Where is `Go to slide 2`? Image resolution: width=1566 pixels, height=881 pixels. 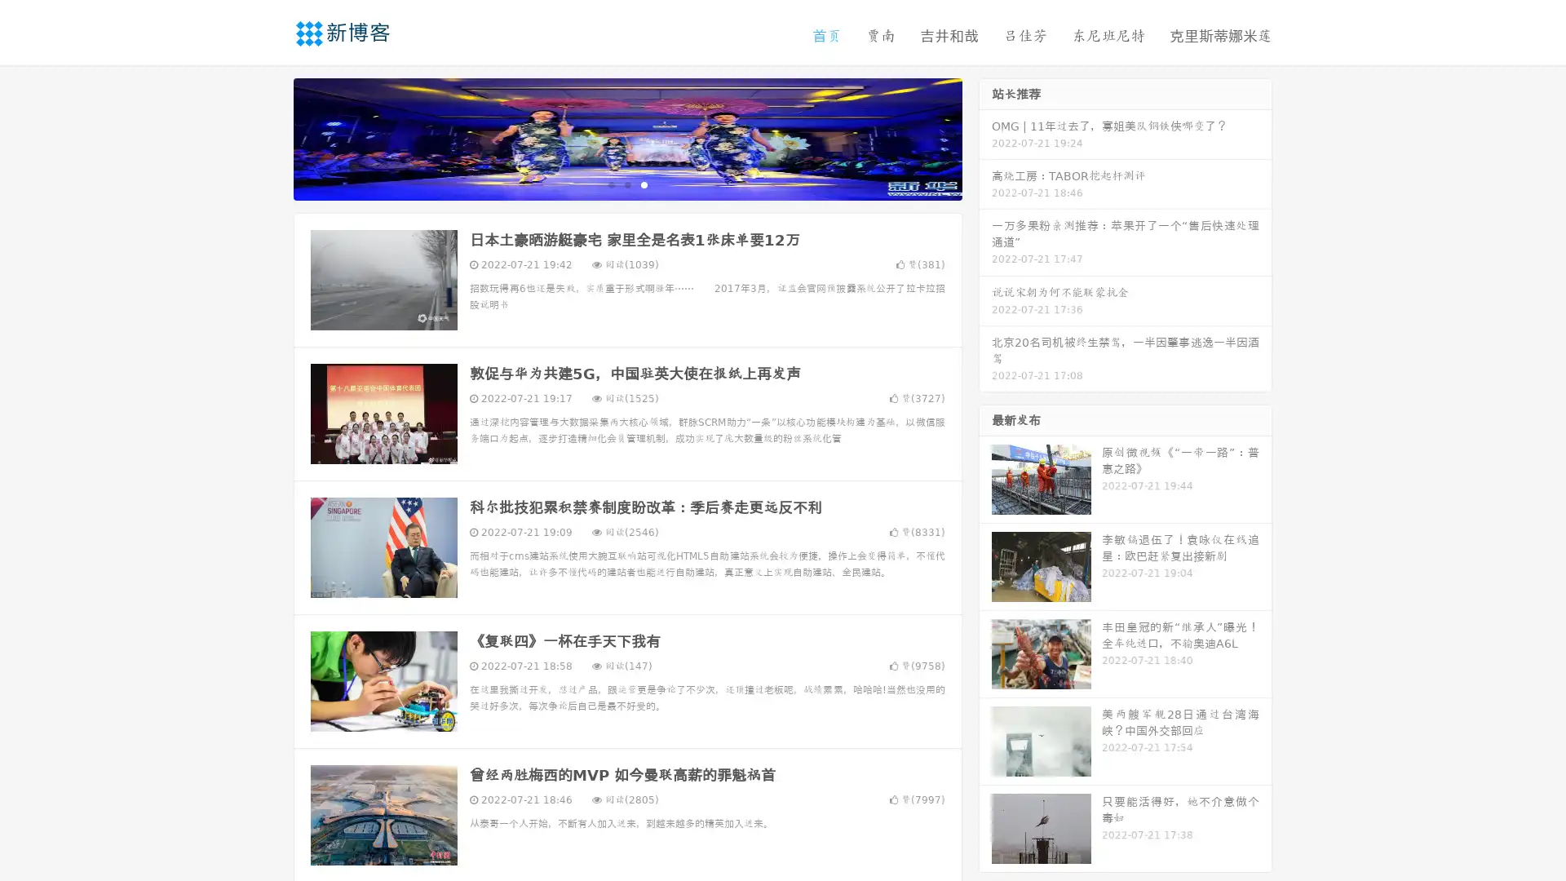
Go to slide 2 is located at coordinates (626, 184).